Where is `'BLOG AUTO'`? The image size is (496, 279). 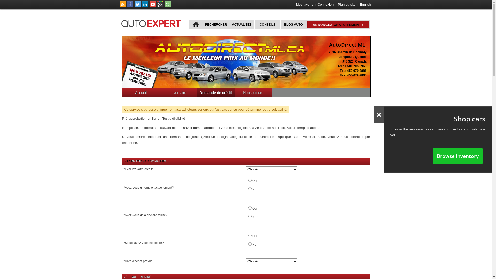
'BLOG AUTO' is located at coordinates (293, 24).